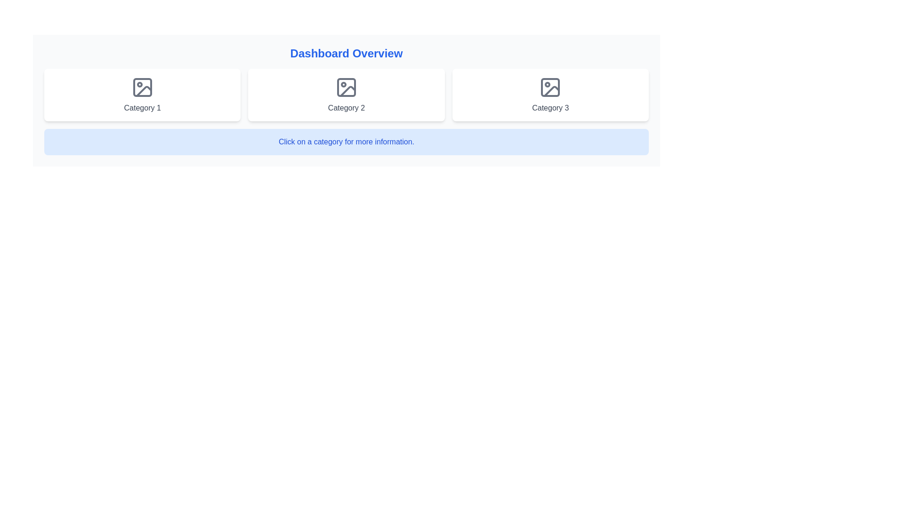  Describe the element at coordinates (550, 87) in the screenshot. I see `the appearance of the image icon centered within the 'Category 3' card on the right side of the interface` at that location.